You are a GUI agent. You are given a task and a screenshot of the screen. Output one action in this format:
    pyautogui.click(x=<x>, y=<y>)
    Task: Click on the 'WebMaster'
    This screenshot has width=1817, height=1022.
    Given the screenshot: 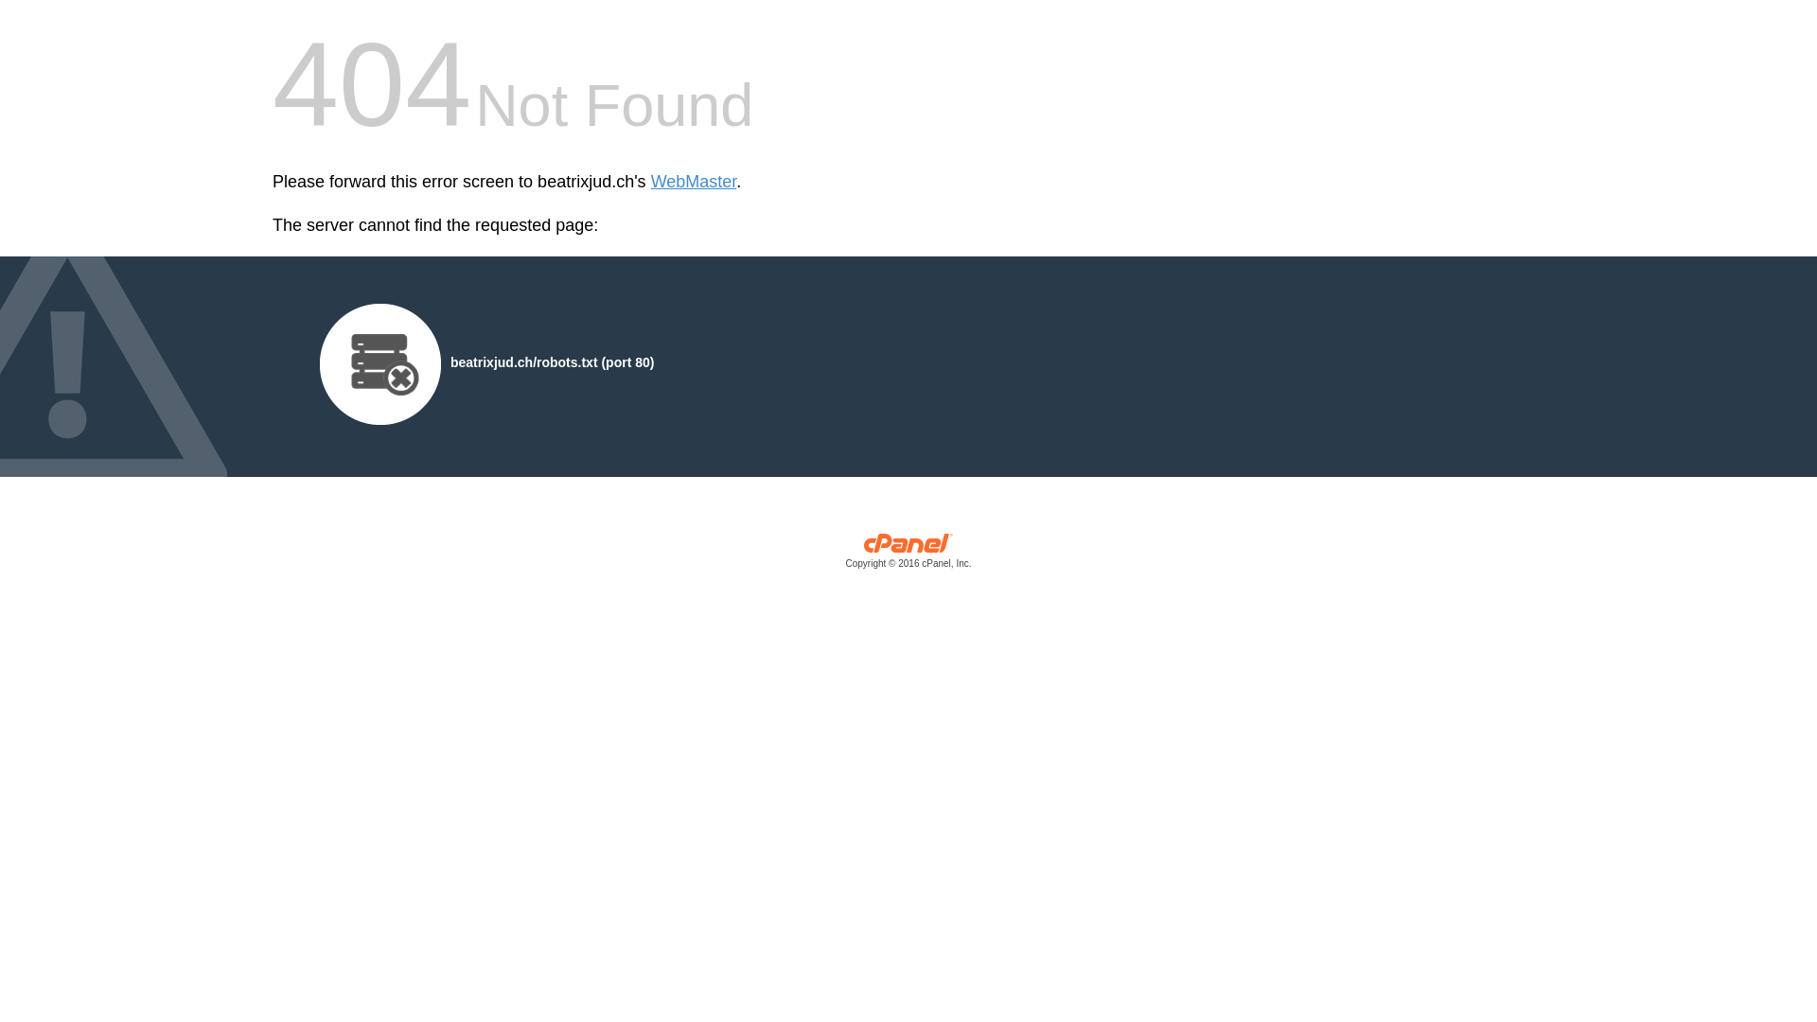 What is the action you would take?
    pyautogui.click(x=693, y=182)
    